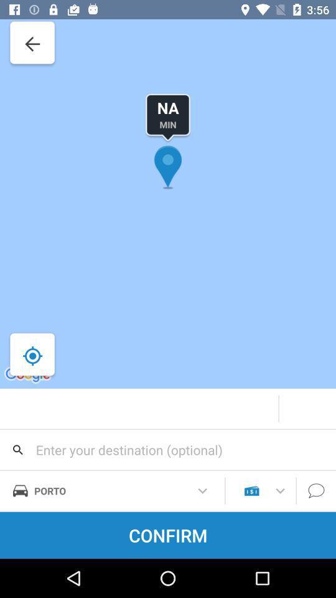 The width and height of the screenshot is (336, 598). Describe the element at coordinates (316, 491) in the screenshot. I see `open conversation` at that location.